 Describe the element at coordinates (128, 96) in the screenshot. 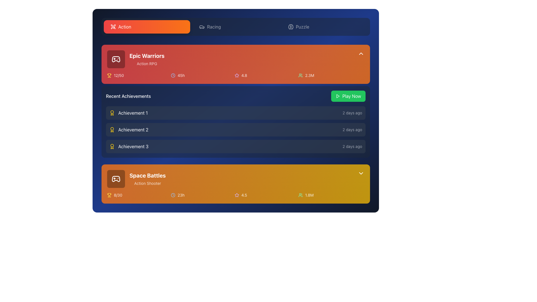

I see `the 'Recent Achievements' text label, which is styled in a medium weight, white font on a dark navy background, positioned below the 'Epic Warriors' card` at that location.